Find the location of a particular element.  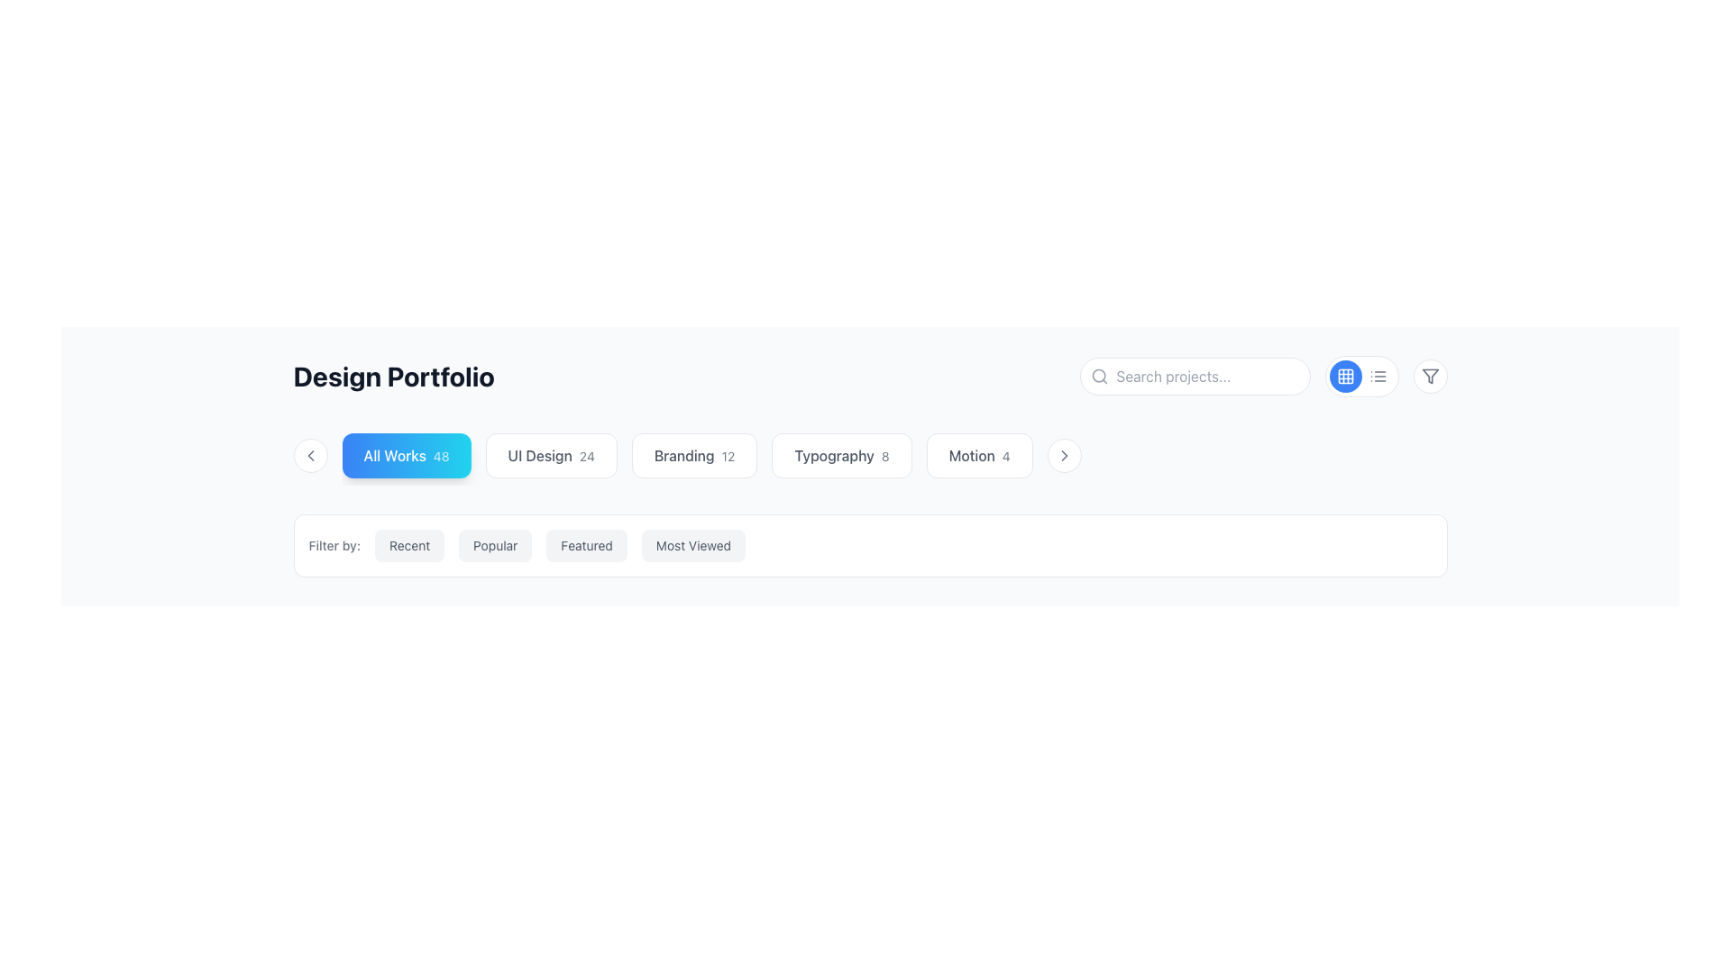

the text label displaying 'Motion' within the button component, which is part of a rounded rectangular button with a white background, located at the center of the page is located at coordinates (971, 454).